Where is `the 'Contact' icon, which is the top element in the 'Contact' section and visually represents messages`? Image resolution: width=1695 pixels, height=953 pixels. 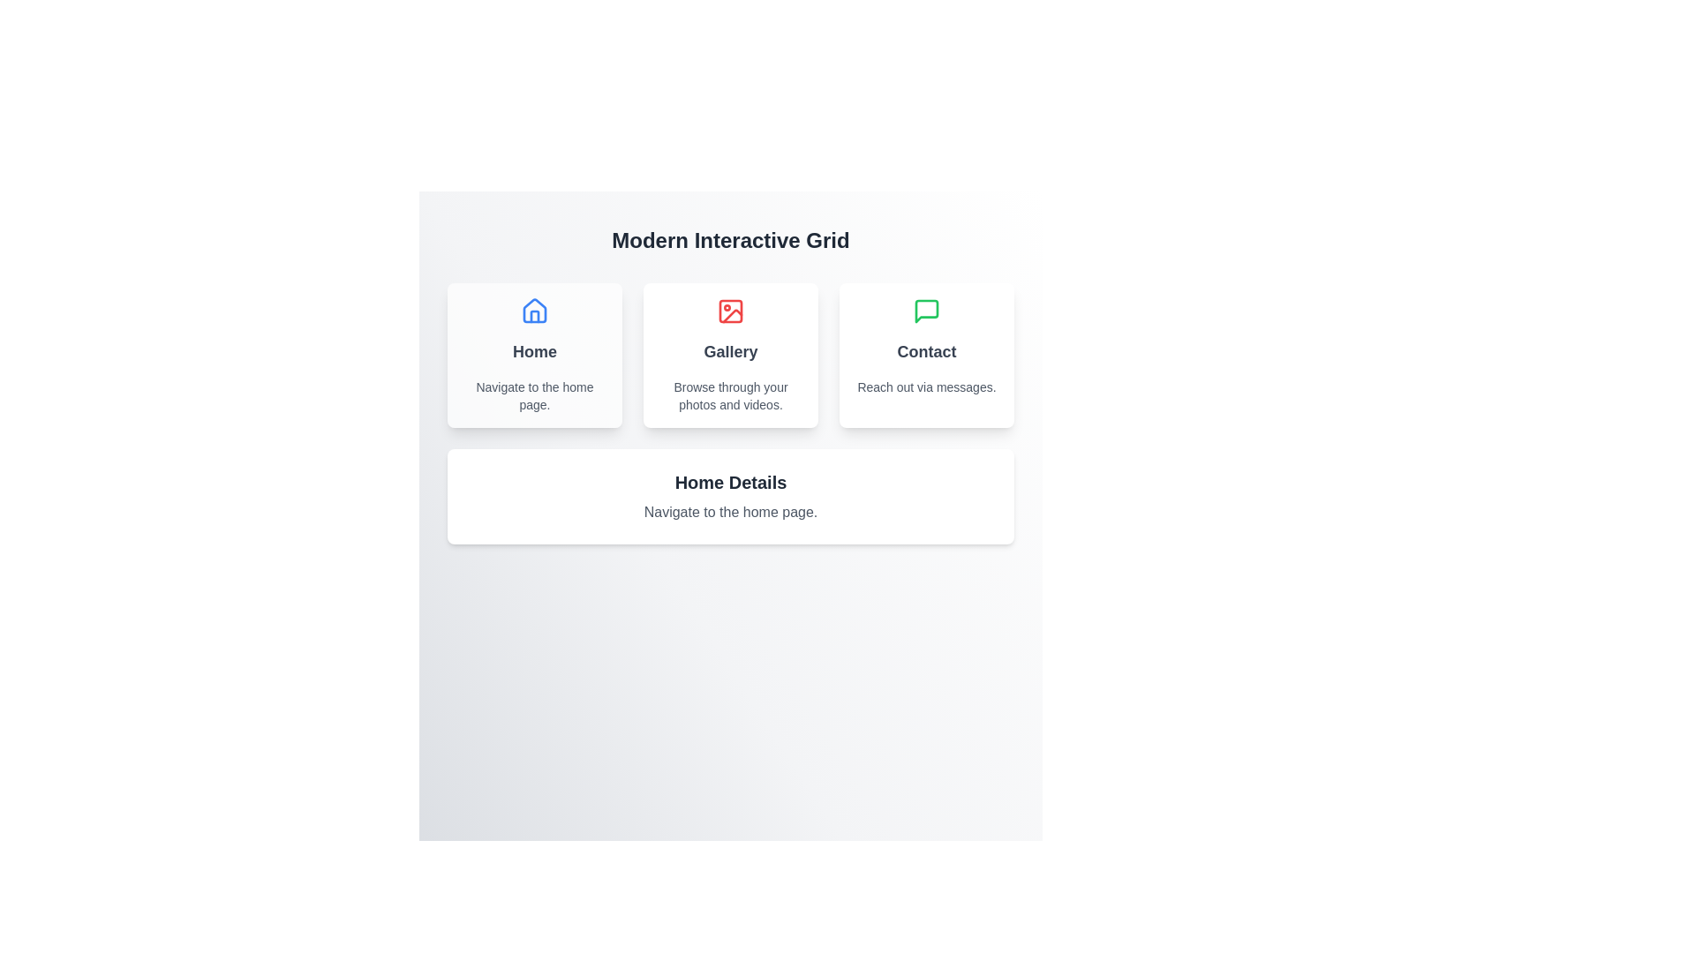 the 'Contact' icon, which is the top element in the 'Contact' section and visually represents messages is located at coordinates (926, 311).